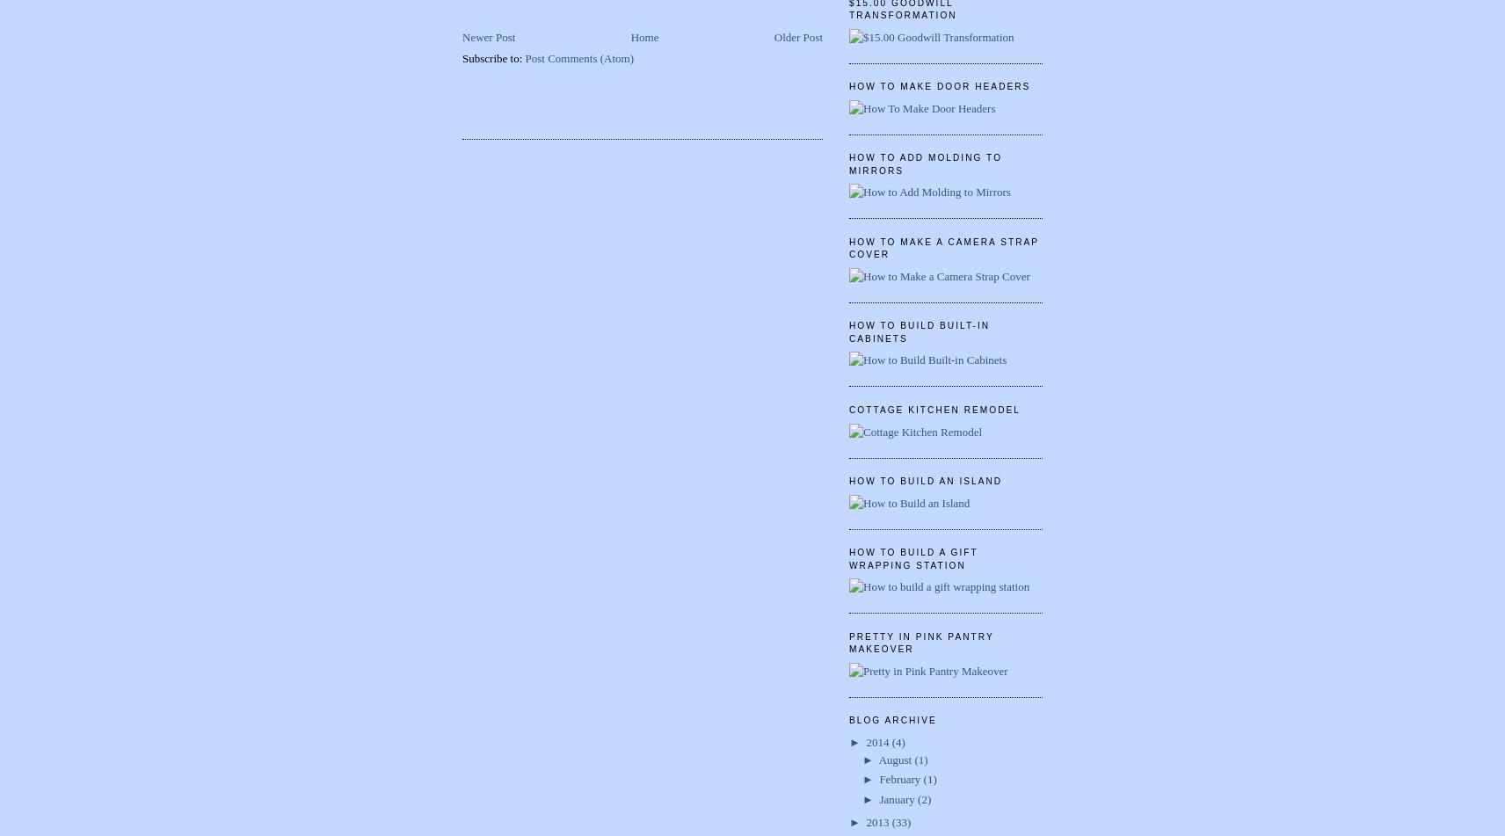  Describe the element at coordinates (919, 331) in the screenshot. I see `'How to Build Built-in Cabinets'` at that location.